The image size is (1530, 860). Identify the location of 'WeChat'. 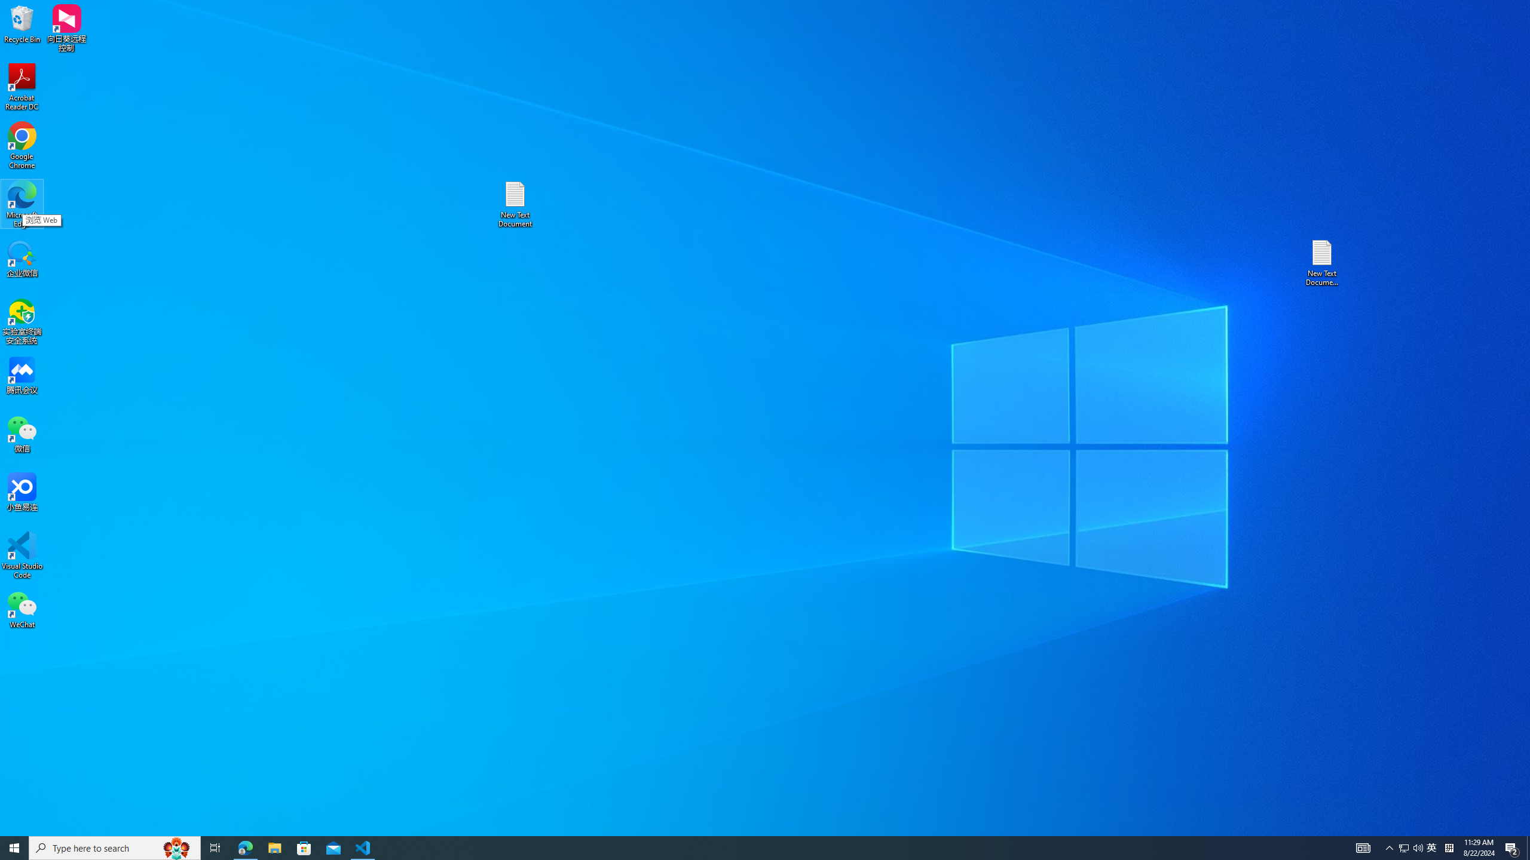
(22, 609).